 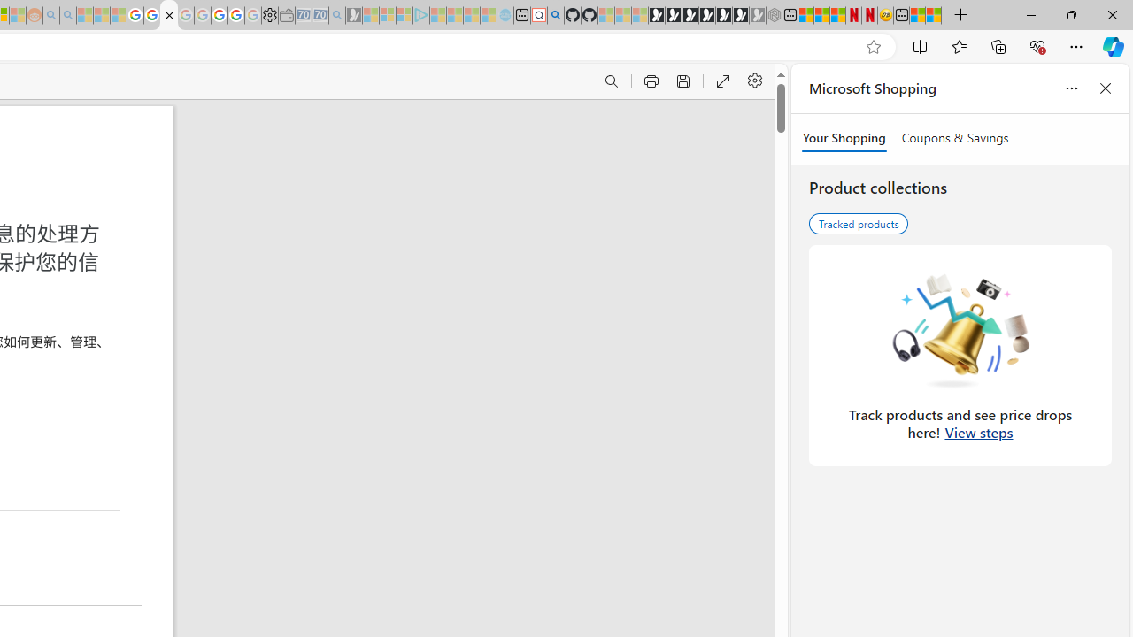 I want to click on 'google_privacy_policy_zh-CN.pdf', so click(x=168, y=15).